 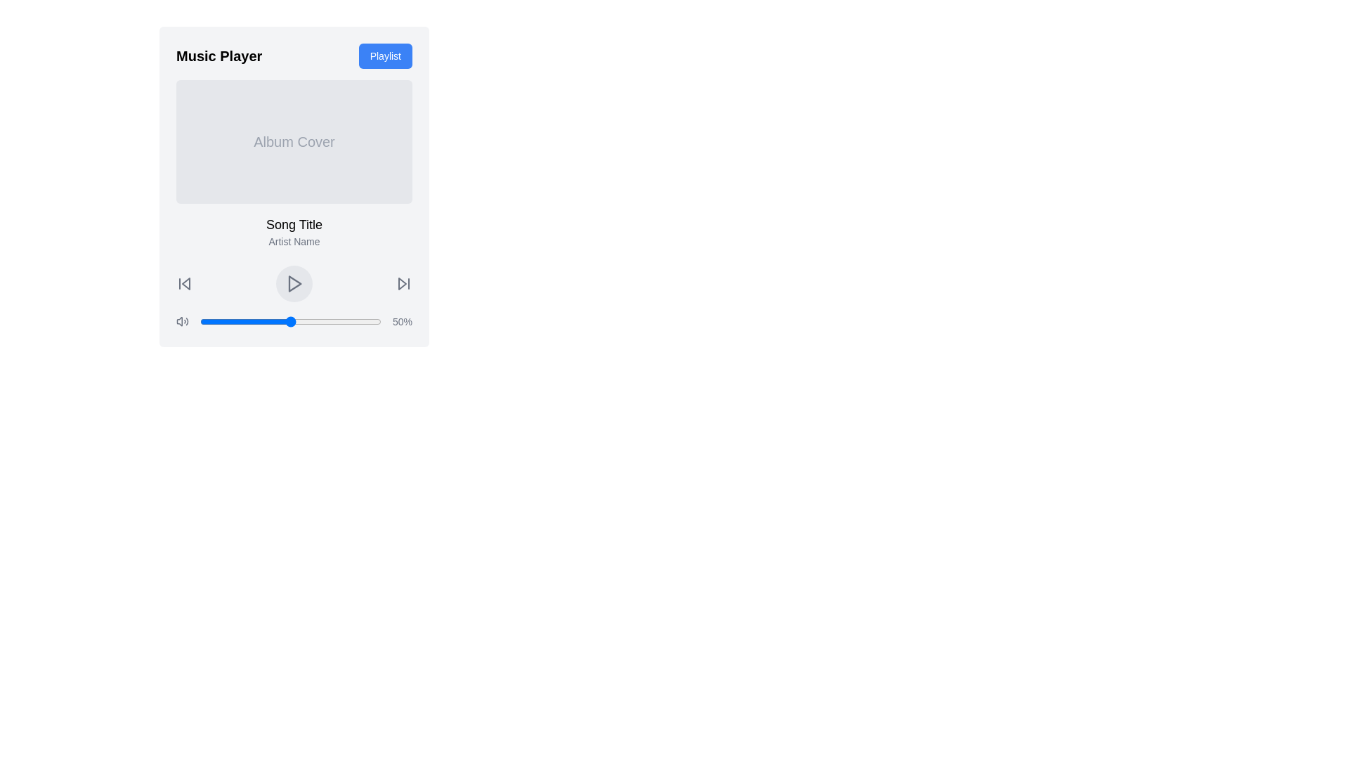 What do you see at coordinates (330, 322) in the screenshot?
I see `the volume` at bounding box center [330, 322].